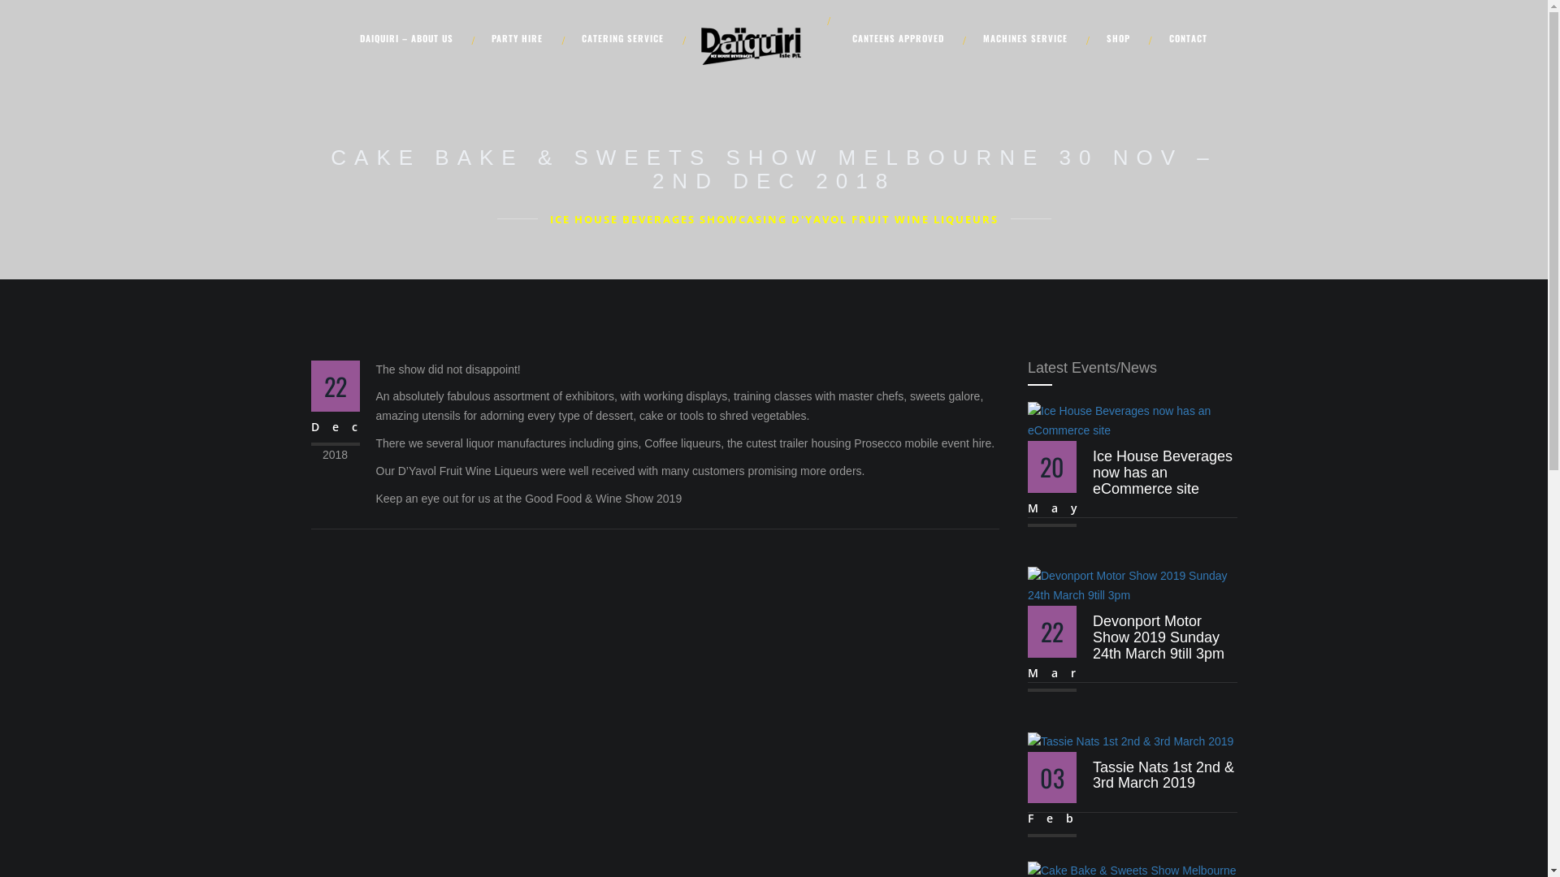  What do you see at coordinates (1028, 37) in the screenshot?
I see `'MACHINES SERVICE'` at bounding box center [1028, 37].